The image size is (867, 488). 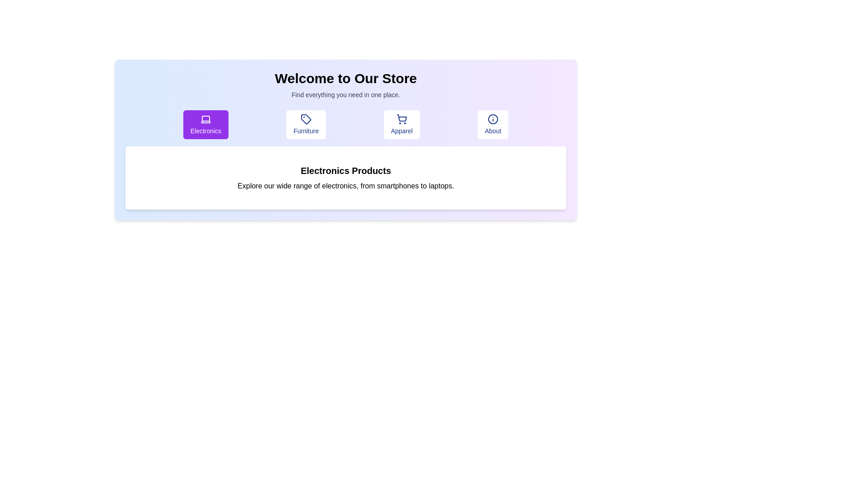 I want to click on the purple square labeled 'Electronics' that surrounds the SVG-based electronics icon, so click(x=205, y=119).